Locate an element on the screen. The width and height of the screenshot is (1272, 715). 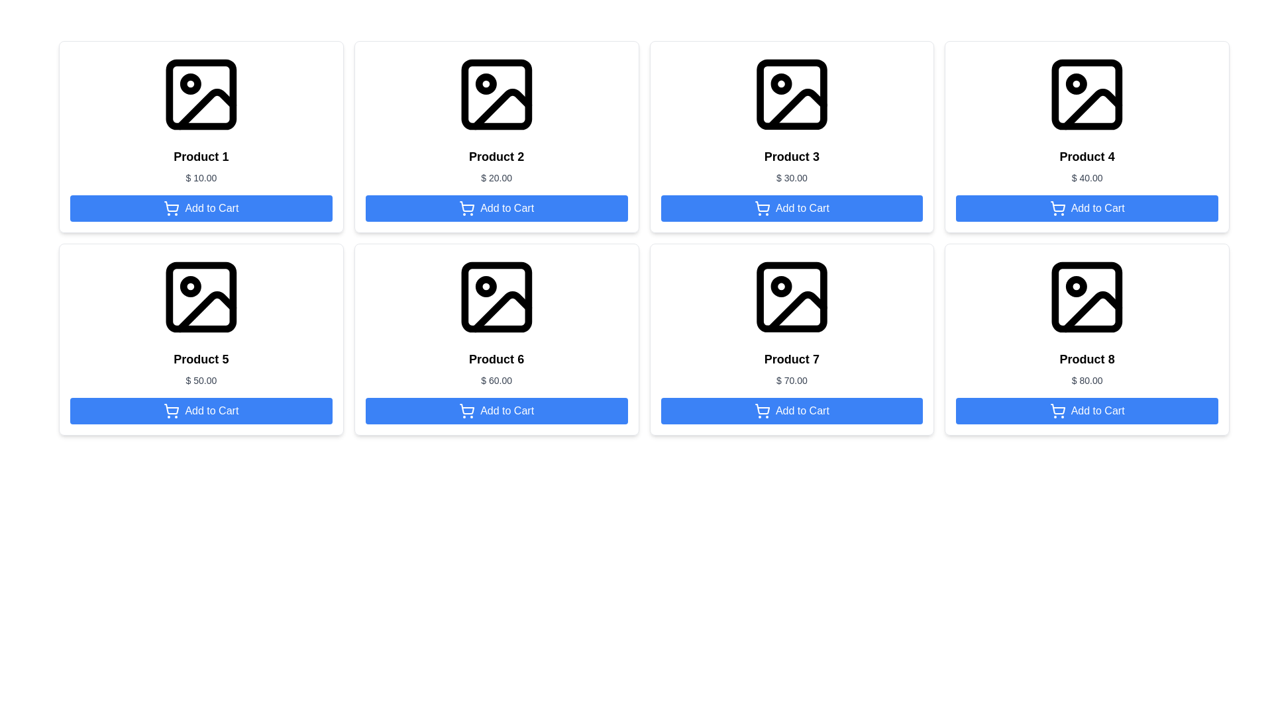
the cart icon located in the 'Add to Cart' button for Product 7, which is positioned in the second row, third column of the grid layout is located at coordinates (762, 410).